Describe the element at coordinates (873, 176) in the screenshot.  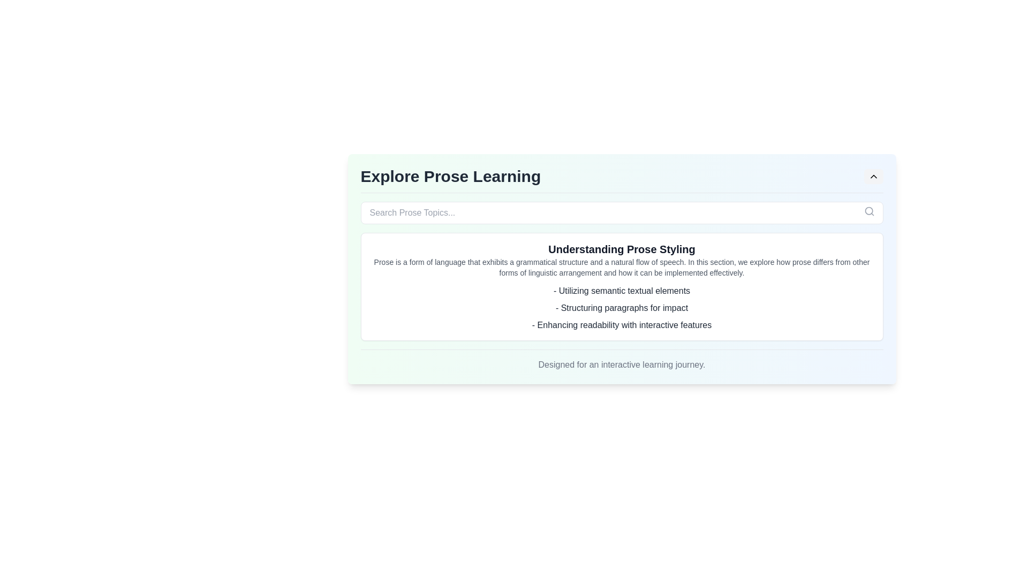
I see `the button located in the top-right corner of the 'Explore Prose Learning' panel` at that location.